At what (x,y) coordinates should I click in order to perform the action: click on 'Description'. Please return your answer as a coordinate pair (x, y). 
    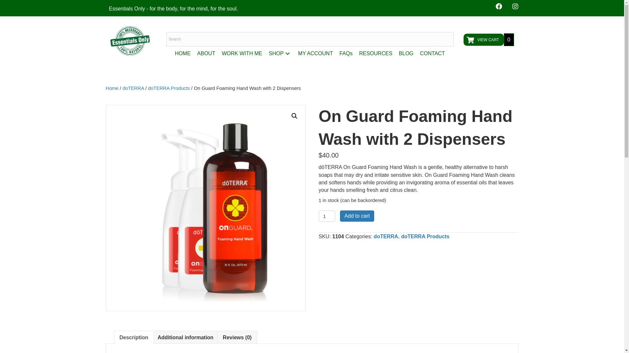
    Looking at the image, I should click on (133, 337).